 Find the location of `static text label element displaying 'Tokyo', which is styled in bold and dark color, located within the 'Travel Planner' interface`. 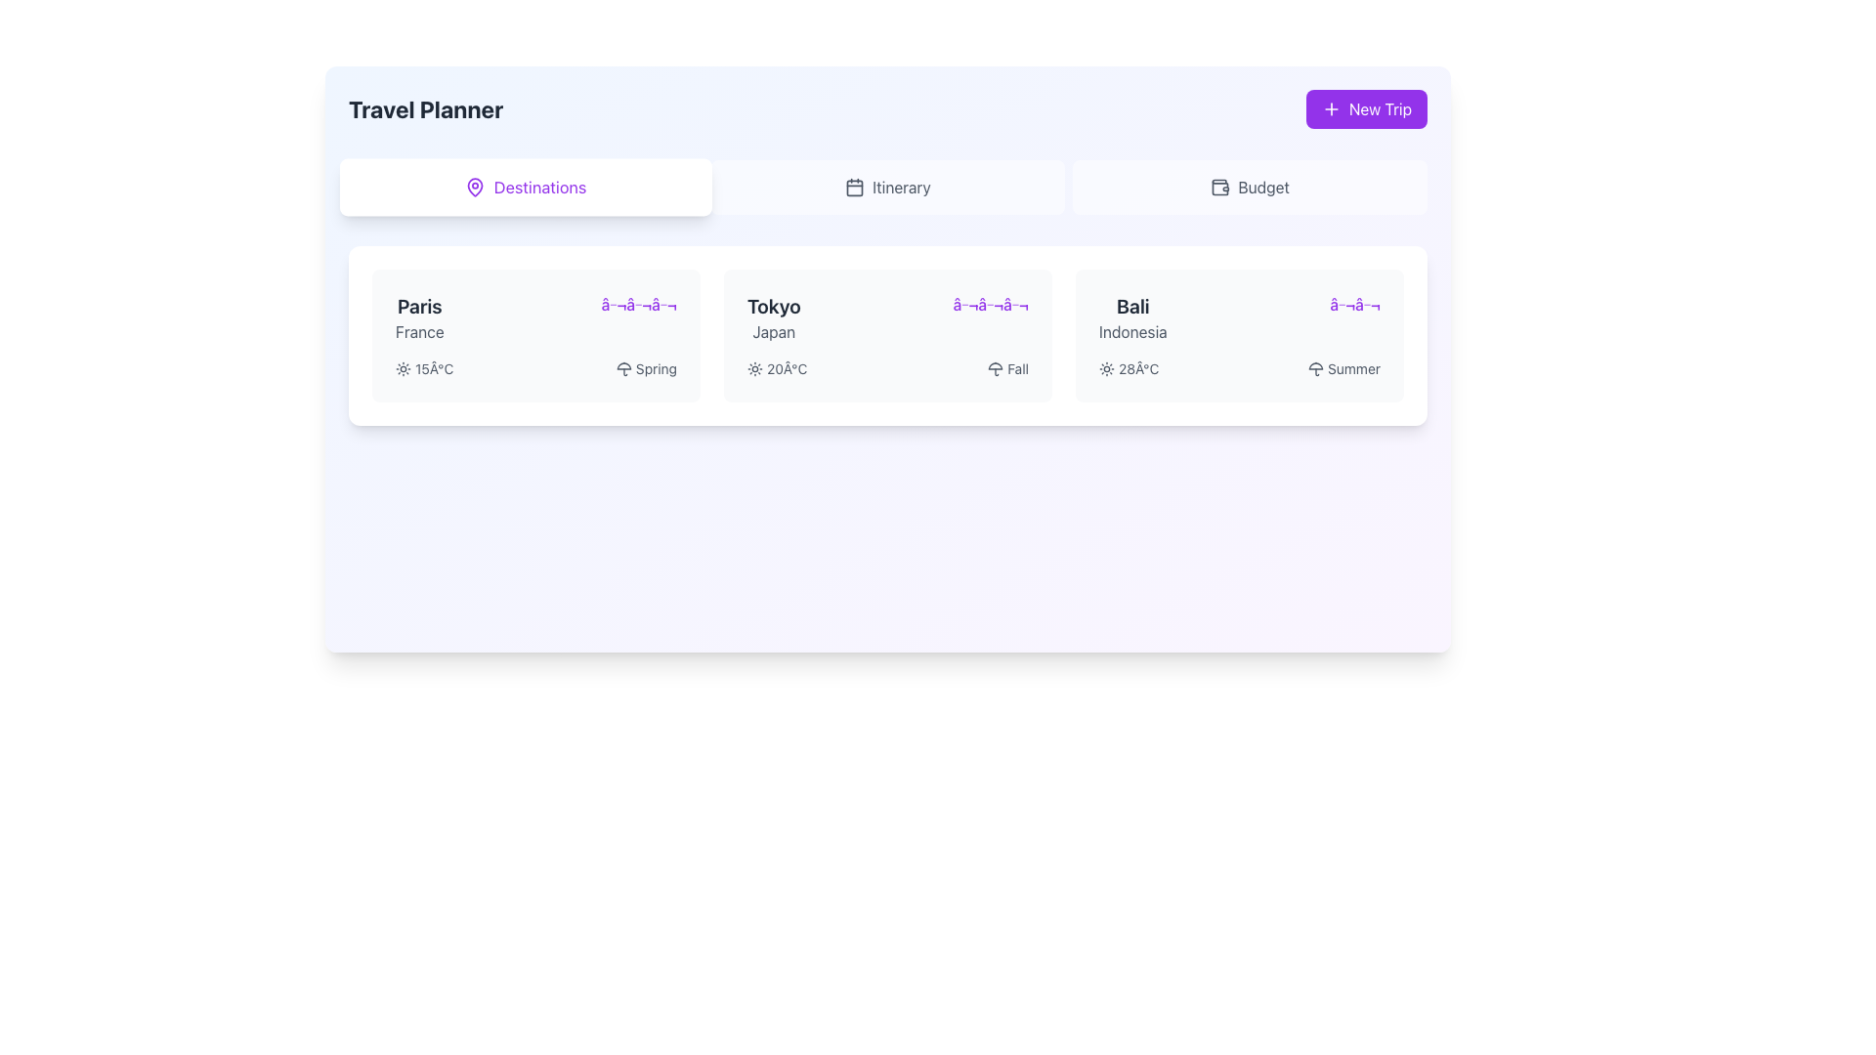

static text label element displaying 'Tokyo', which is styled in bold and dark color, located within the 'Travel Planner' interface is located at coordinates (773, 306).